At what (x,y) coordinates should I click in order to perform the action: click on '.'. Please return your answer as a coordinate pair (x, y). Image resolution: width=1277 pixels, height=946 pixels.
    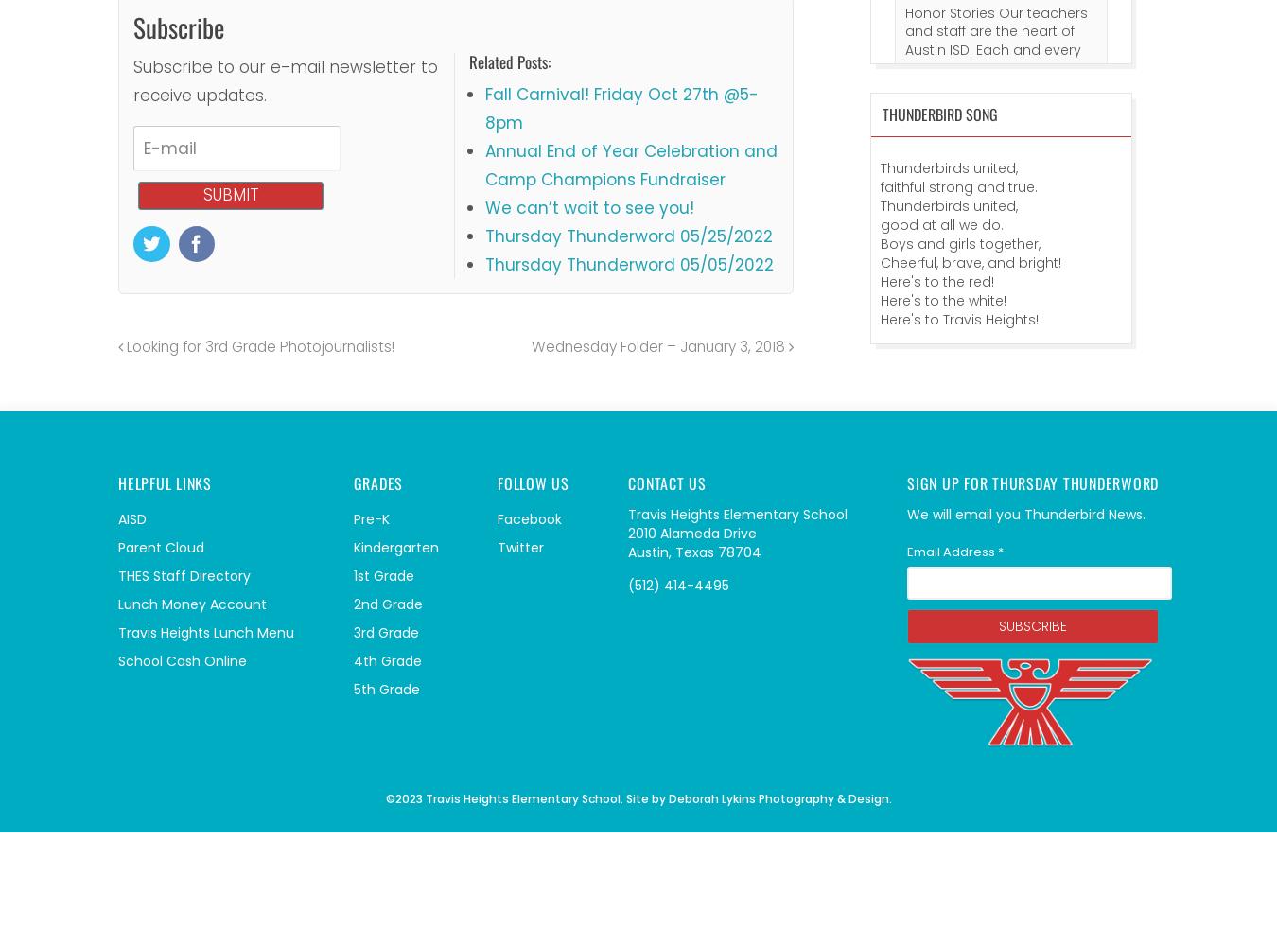
    Looking at the image, I should click on (887, 797).